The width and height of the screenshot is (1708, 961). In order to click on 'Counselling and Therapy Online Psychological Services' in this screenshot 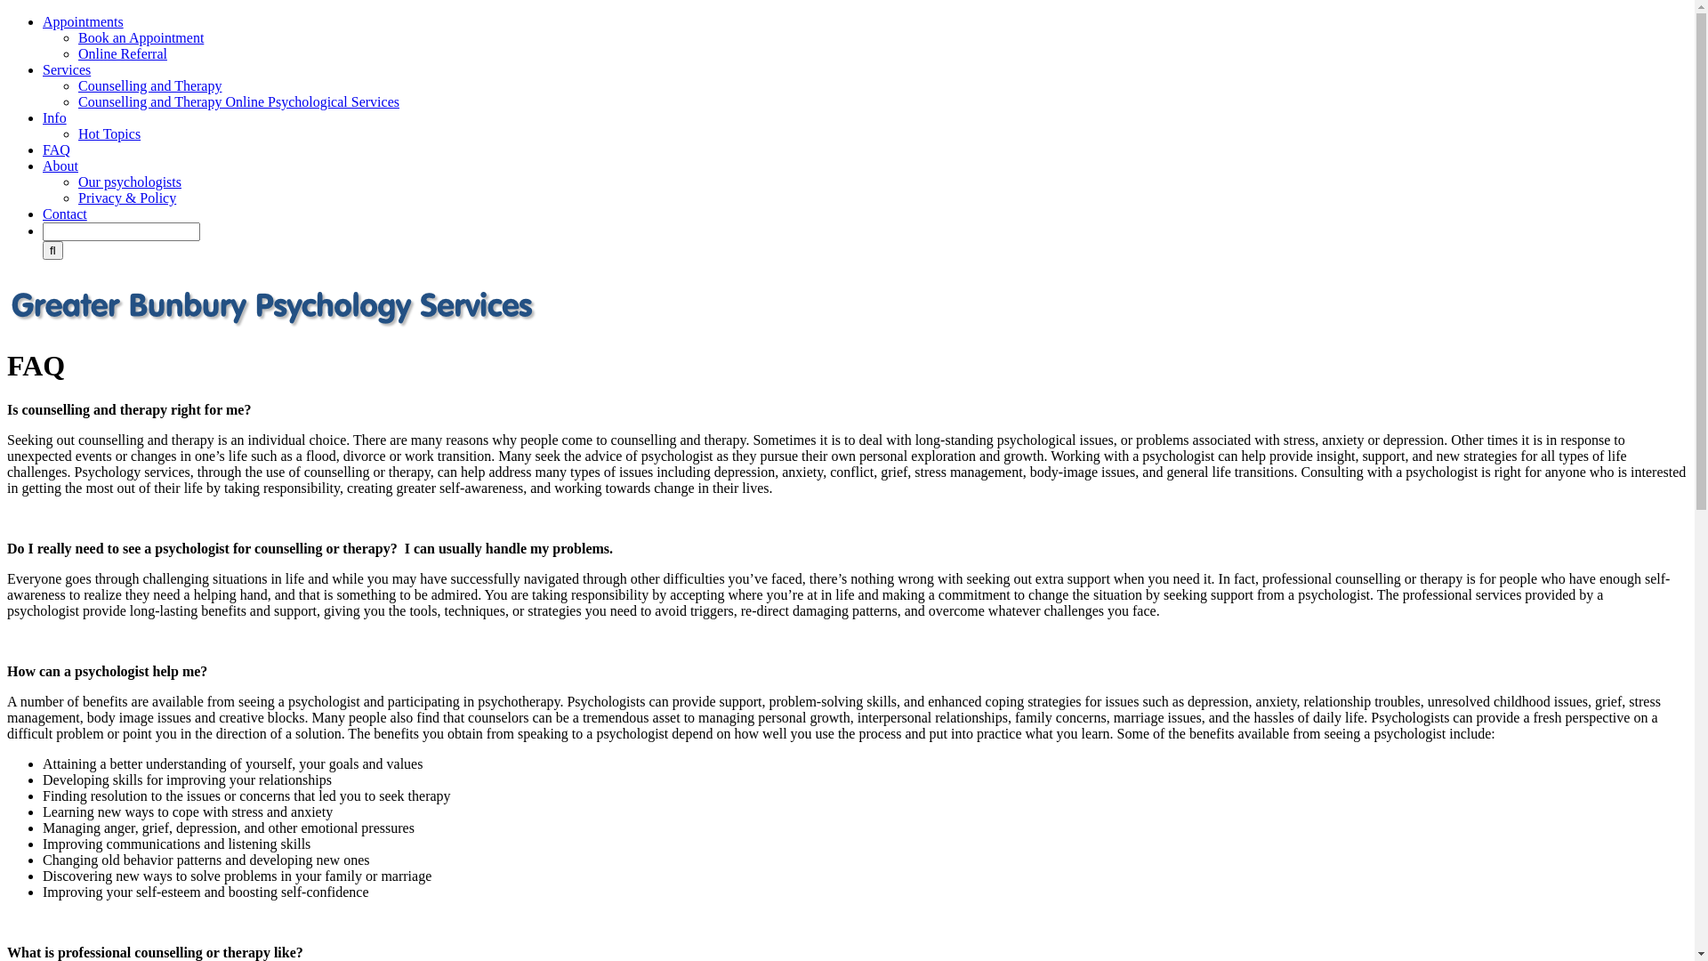, I will do `click(238, 101)`.